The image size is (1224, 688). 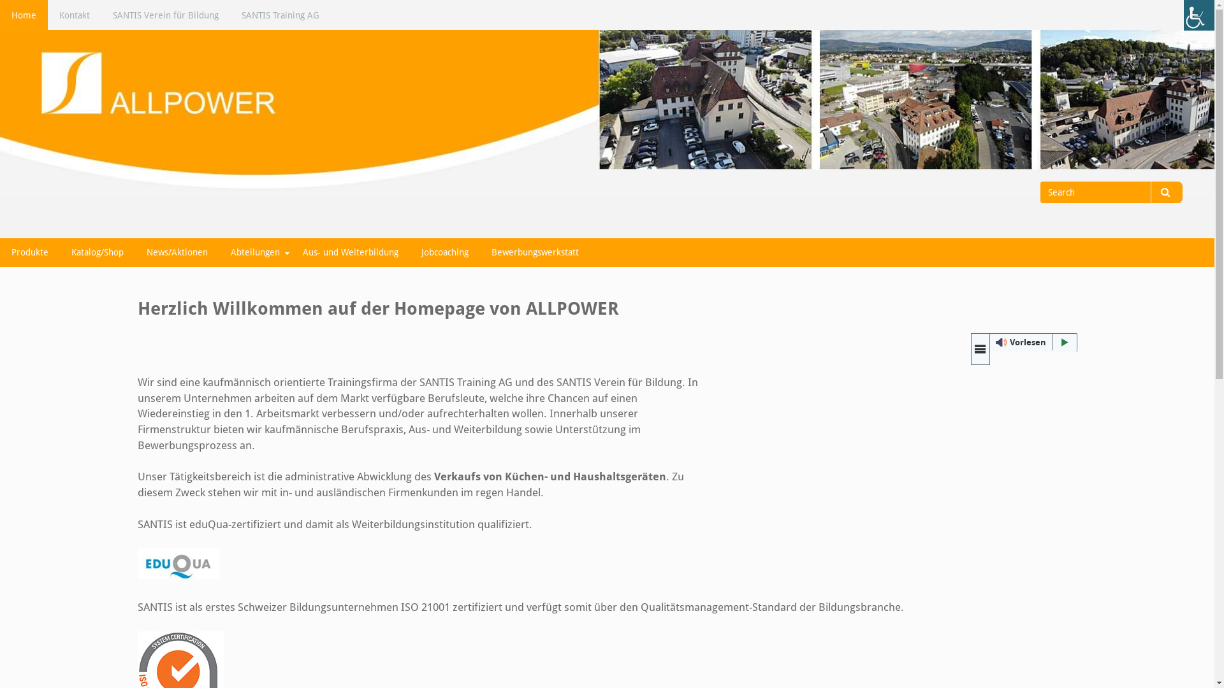 What do you see at coordinates (97, 252) in the screenshot?
I see `'Katalog/Shop'` at bounding box center [97, 252].